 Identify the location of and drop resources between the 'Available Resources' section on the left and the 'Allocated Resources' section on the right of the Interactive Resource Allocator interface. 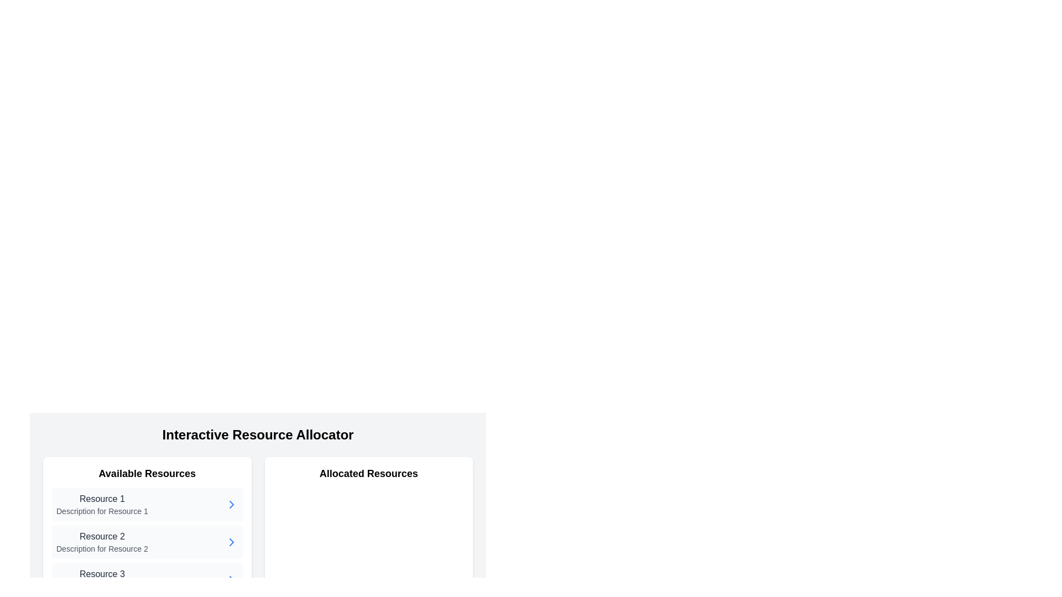
(257, 488).